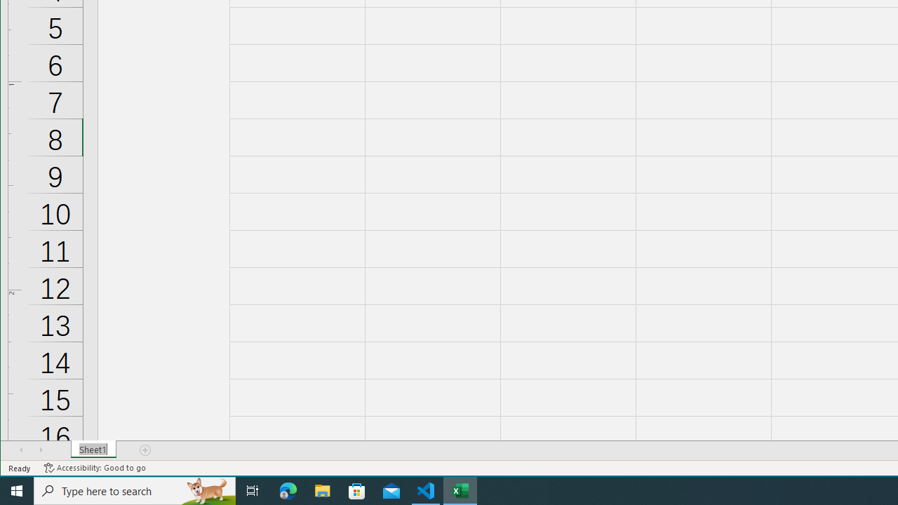 Image resolution: width=898 pixels, height=505 pixels. What do you see at coordinates (252, 490) in the screenshot?
I see `'Task View'` at bounding box center [252, 490].